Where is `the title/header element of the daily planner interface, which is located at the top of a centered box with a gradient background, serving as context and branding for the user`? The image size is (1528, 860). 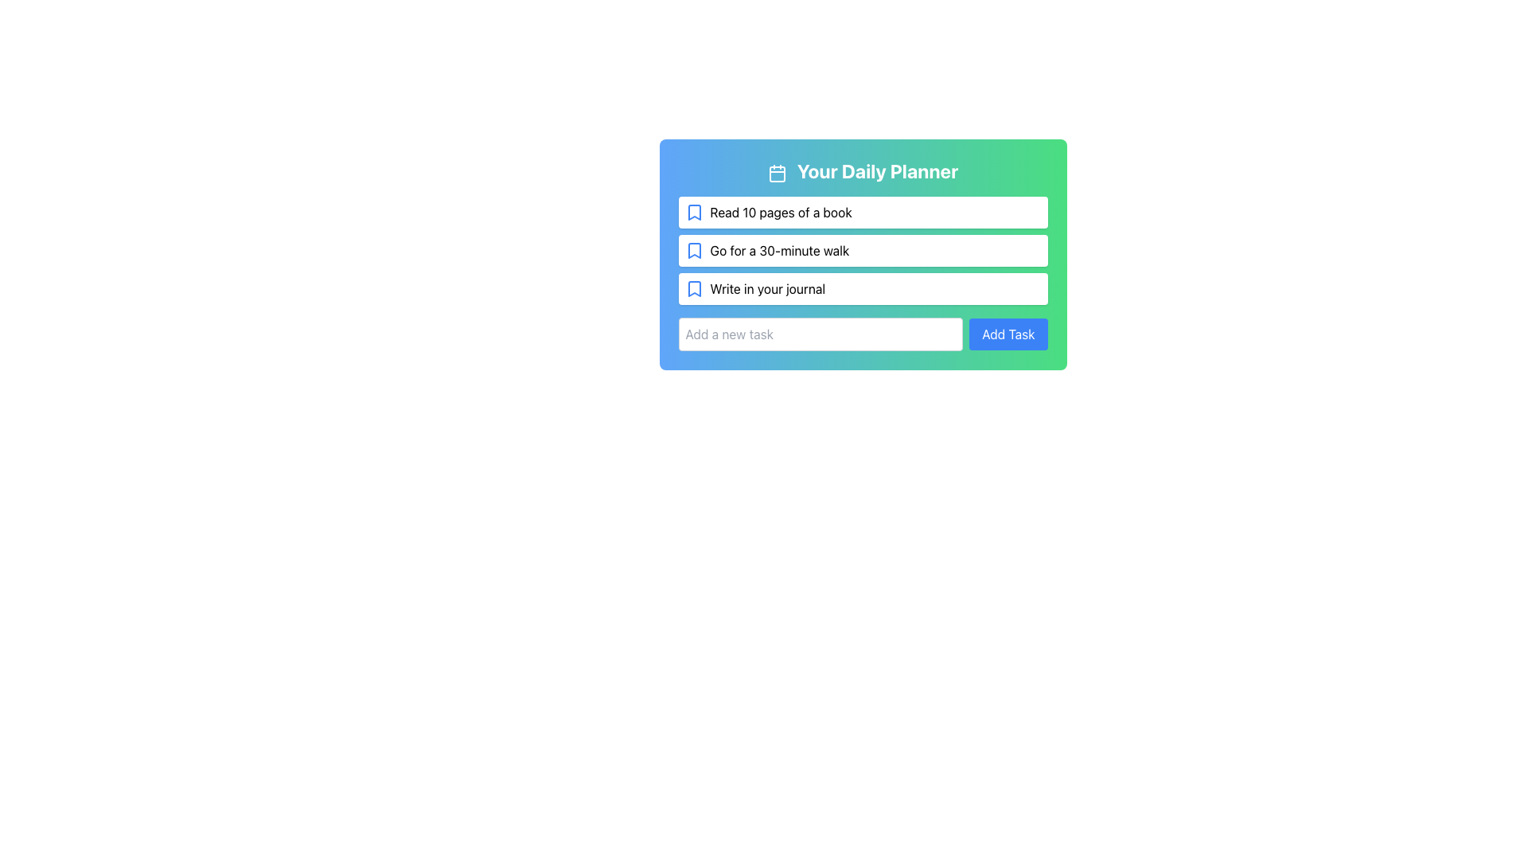 the title/header element of the daily planner interface, which is located at the top of a centered box with a gradient background, serving as context and branding for the user is located at coordinates (862, 171).